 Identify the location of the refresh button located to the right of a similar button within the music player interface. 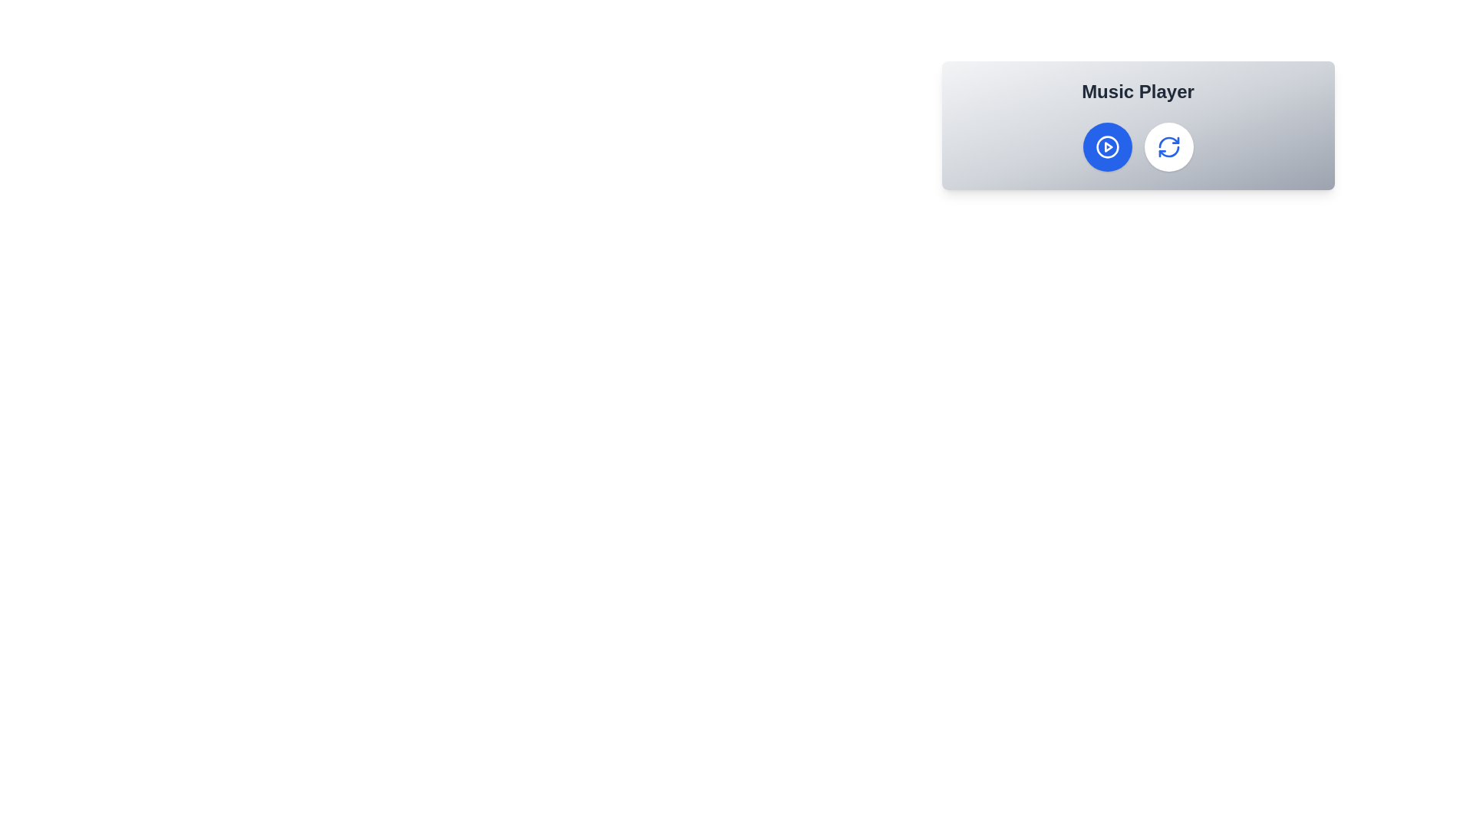
(1168, 147).